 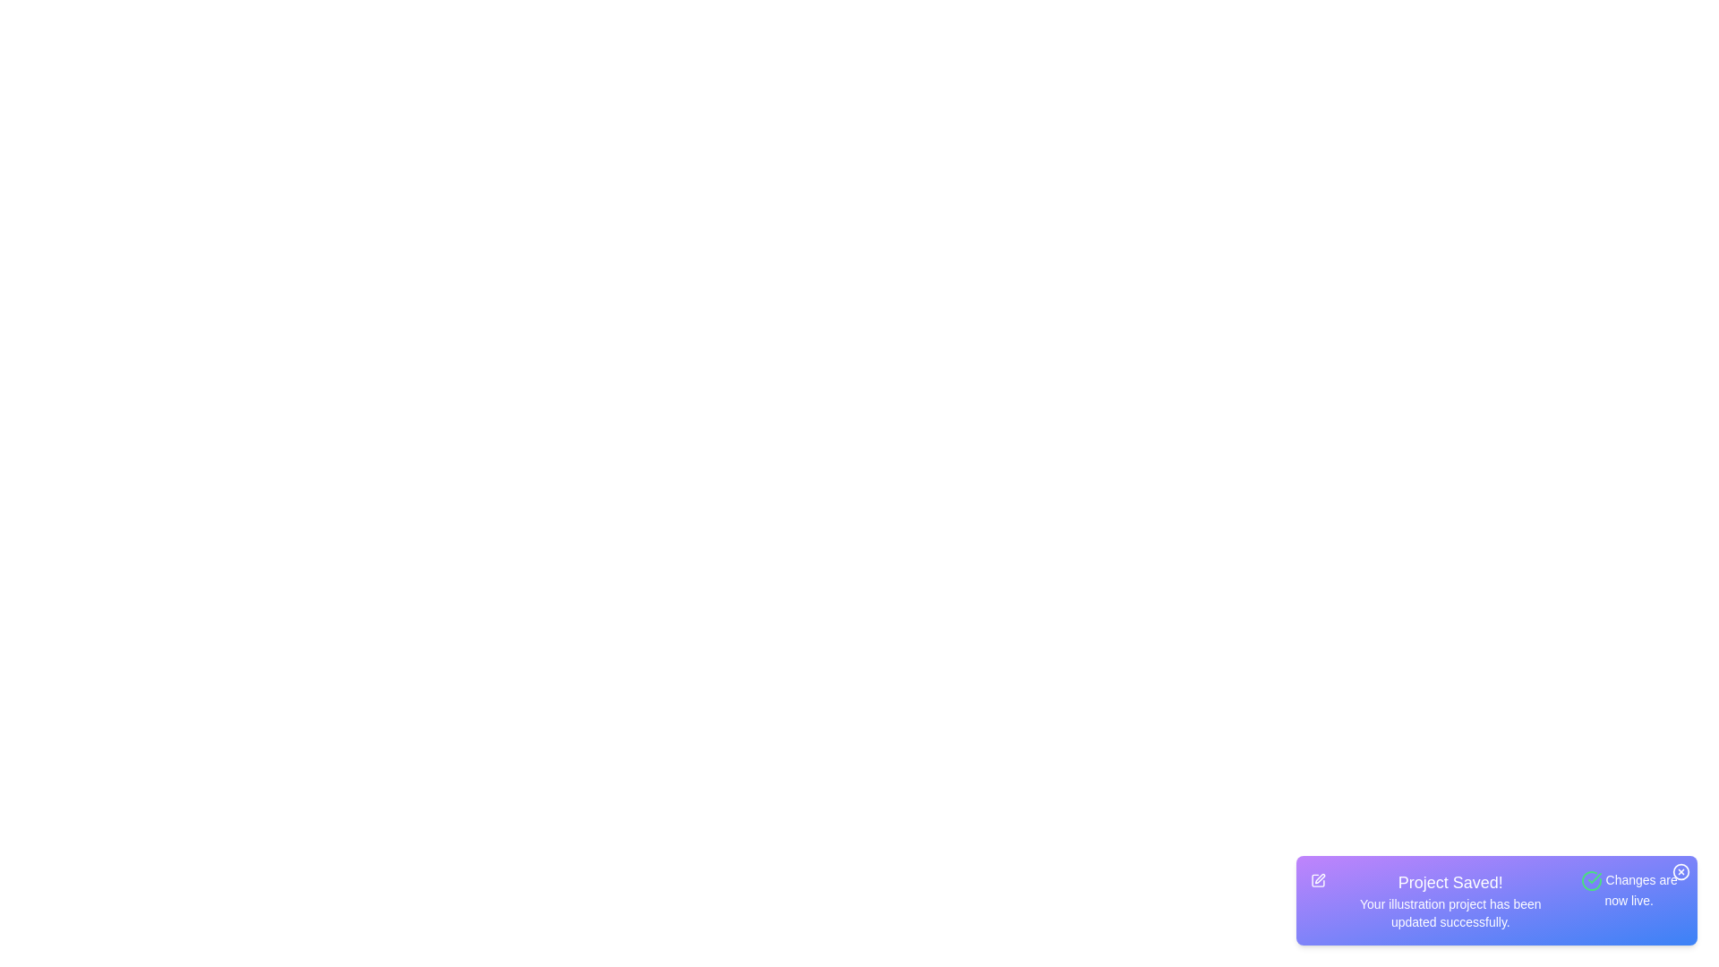 I want to click on the notification area to acknowledge its content, so click(x=1496, y=901).